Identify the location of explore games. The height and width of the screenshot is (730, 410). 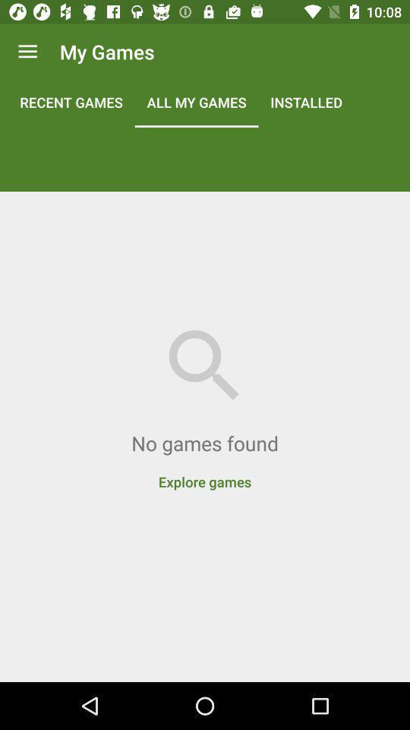
(205, 473).